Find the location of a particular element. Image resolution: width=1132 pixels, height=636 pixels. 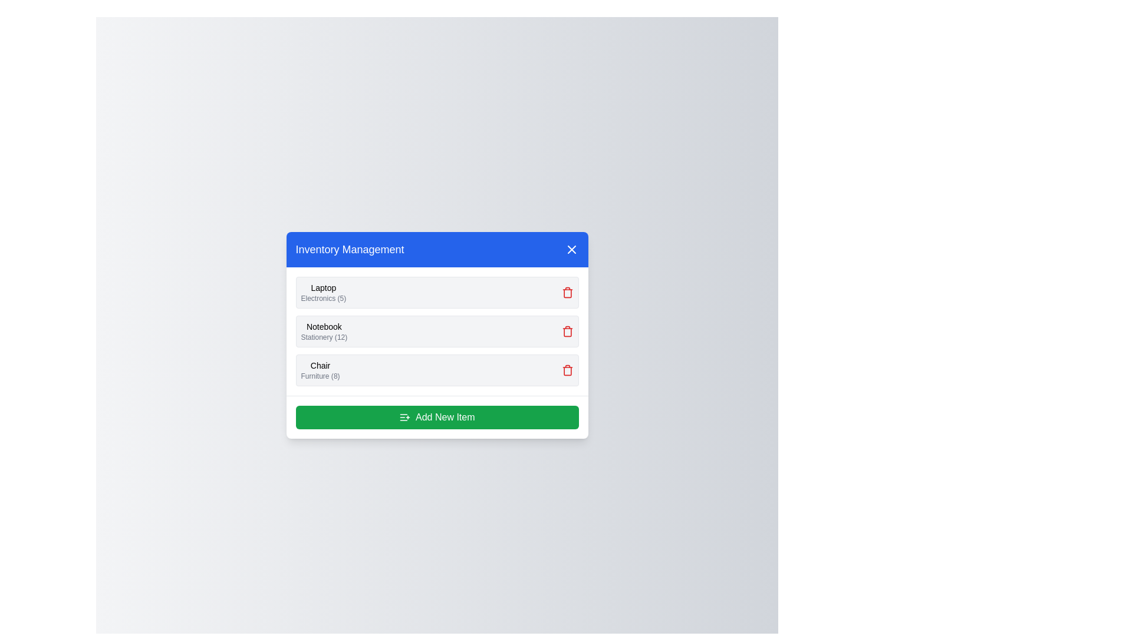

the 'Add New Item' button to initiate the process of adding a new inventory item is located at coordinates (436, 416).